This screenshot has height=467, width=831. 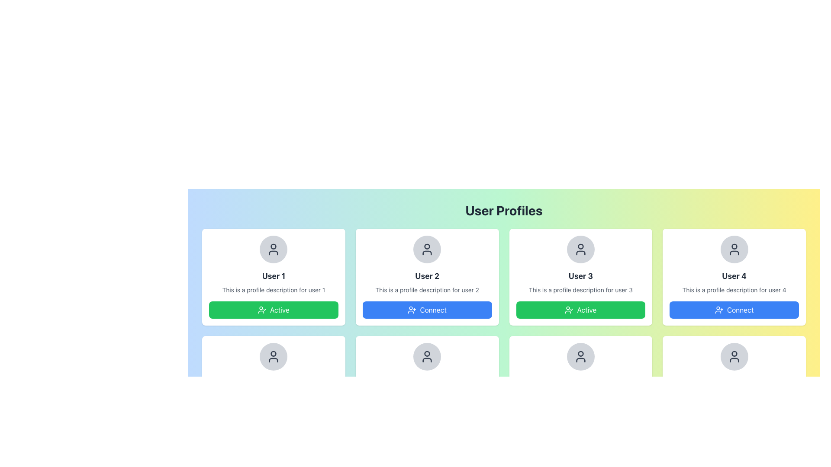 What do you see at coordinates (580, 249) in the screenshot?
I see `the user icon representing the 'User 3' profile, which is centrally aligned within the circular holder at the top of the profile card` at bounding box center [580, 249].